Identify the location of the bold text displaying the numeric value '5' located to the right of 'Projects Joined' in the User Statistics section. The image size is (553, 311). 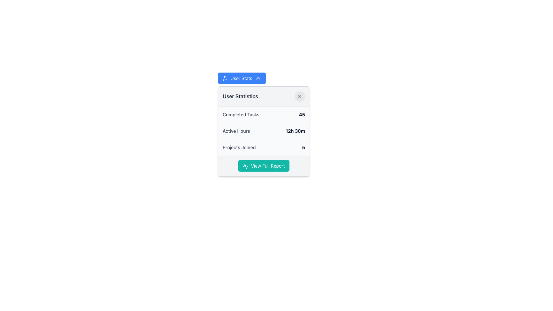
(303, 147).